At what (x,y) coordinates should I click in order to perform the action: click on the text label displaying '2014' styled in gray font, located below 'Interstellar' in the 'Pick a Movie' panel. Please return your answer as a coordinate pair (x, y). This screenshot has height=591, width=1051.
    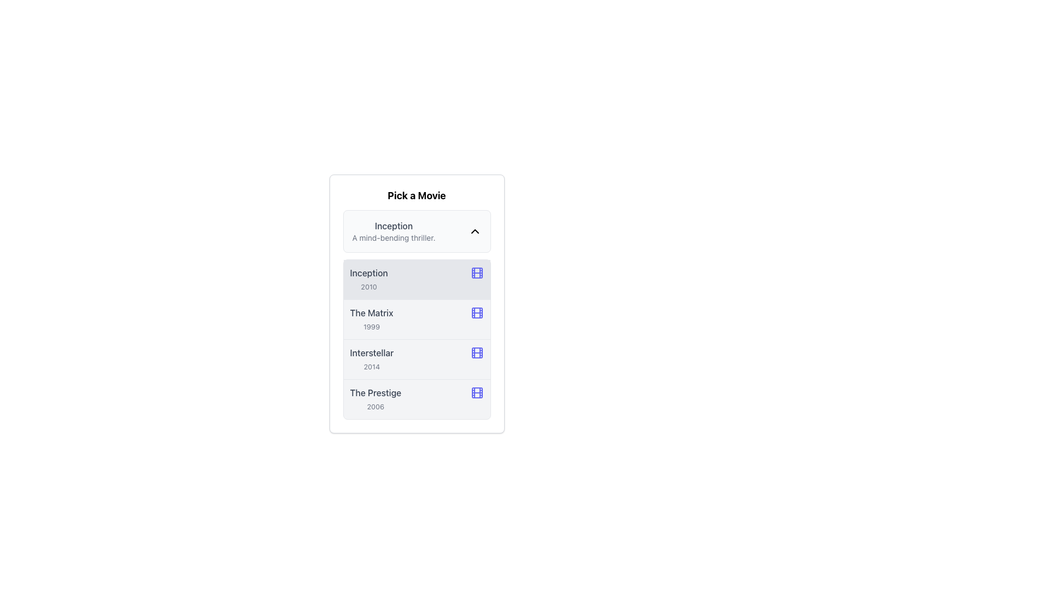
    Looking at the image, I should click on (372, 367).